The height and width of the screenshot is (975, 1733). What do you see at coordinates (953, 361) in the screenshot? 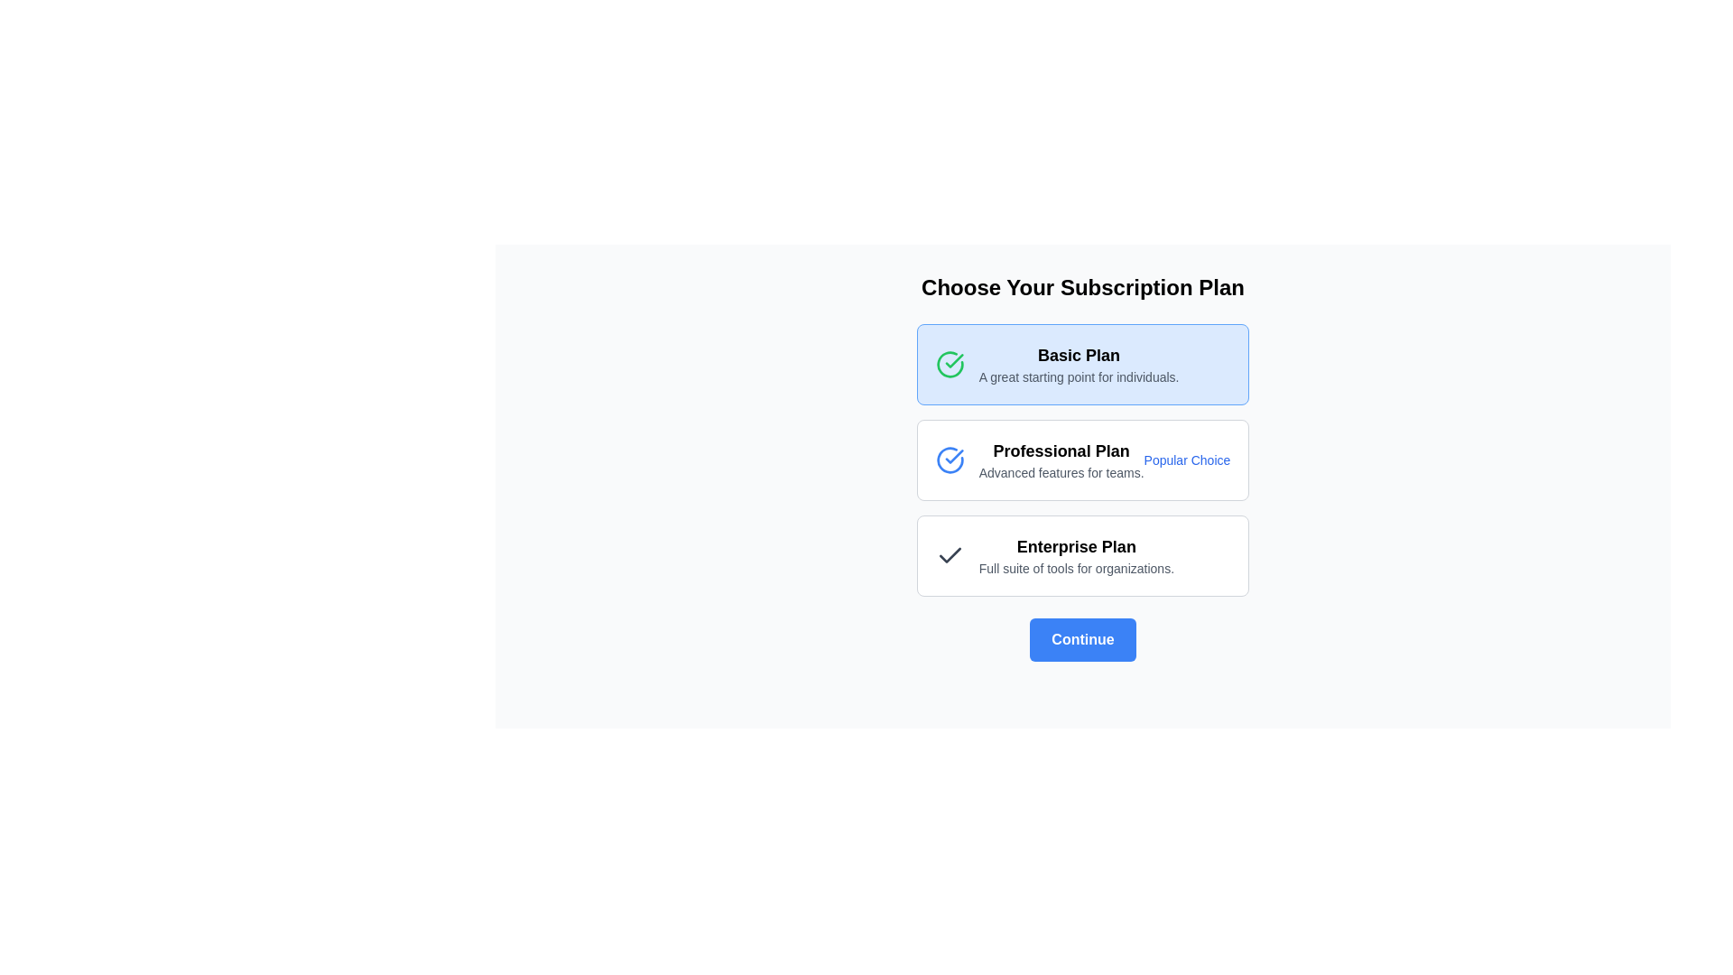
I see `the check mark symbol within the circular icon that indicates the selected 'Basic Plan' subscription option in the topmost subscription option card` at bounding box center [953, 361].